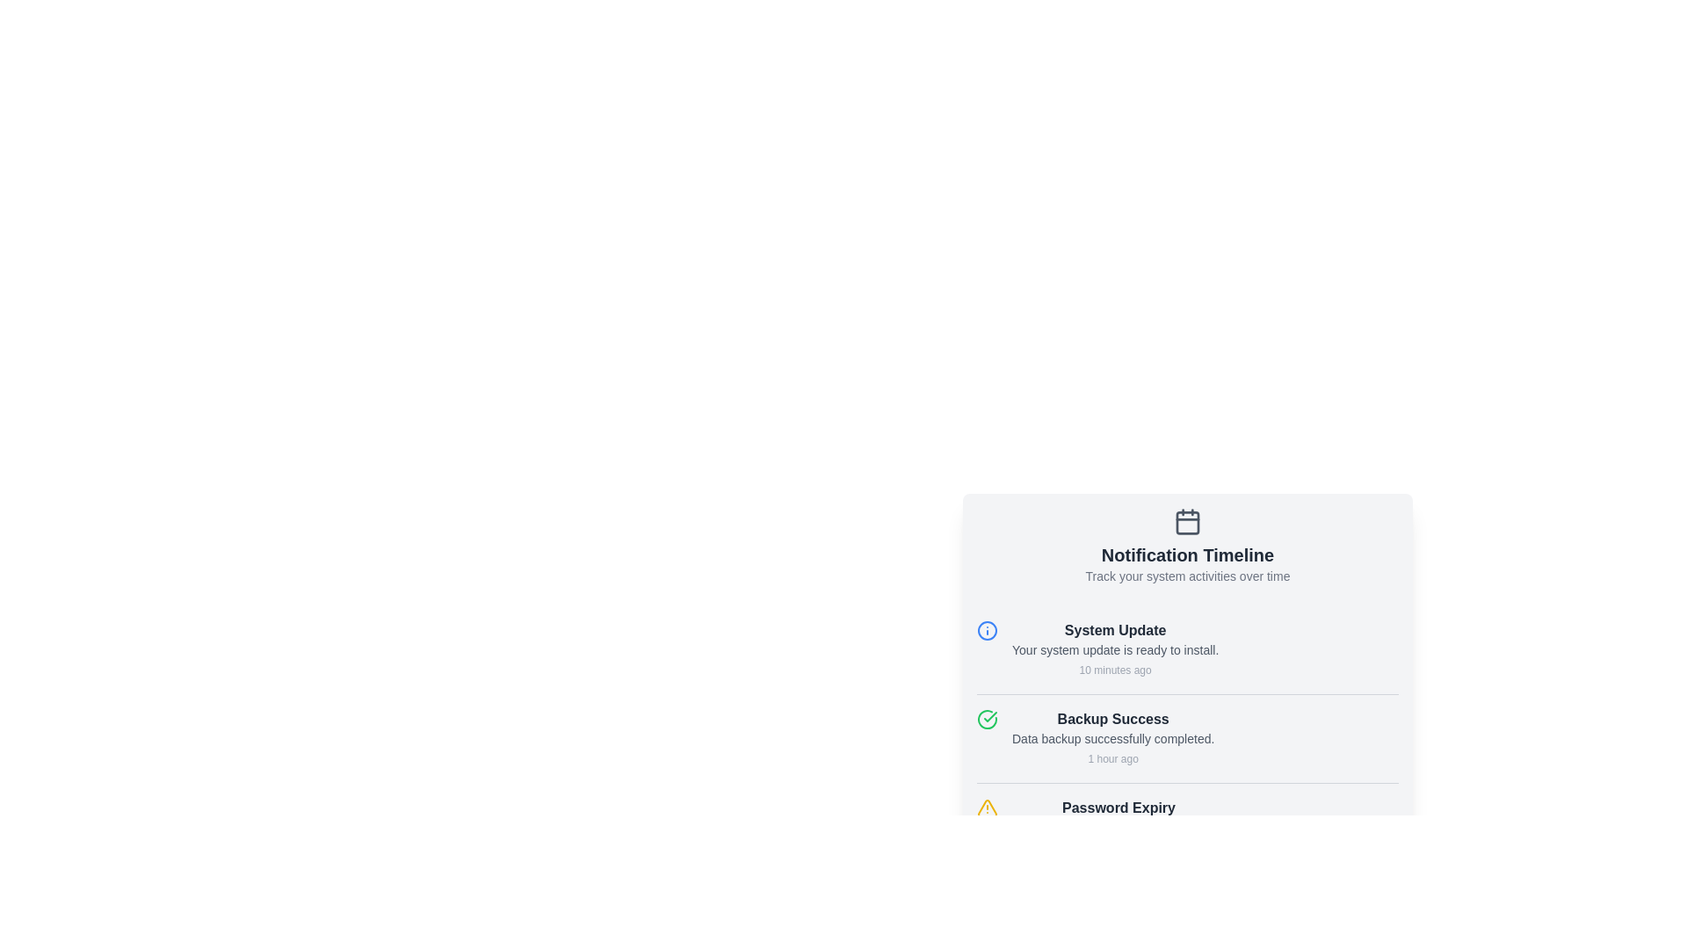 The height and width of the screenshot is (949, 1687). What do you see at coordinates (1112, 738) in the screenshot?
I see `the Text Label that provides supplementary information for the 'Backup Success' notification, located beneath the header and above the timestamp '1 hour ago' in the 'Notification Timeline' section` at bounding box center [1112, 738].